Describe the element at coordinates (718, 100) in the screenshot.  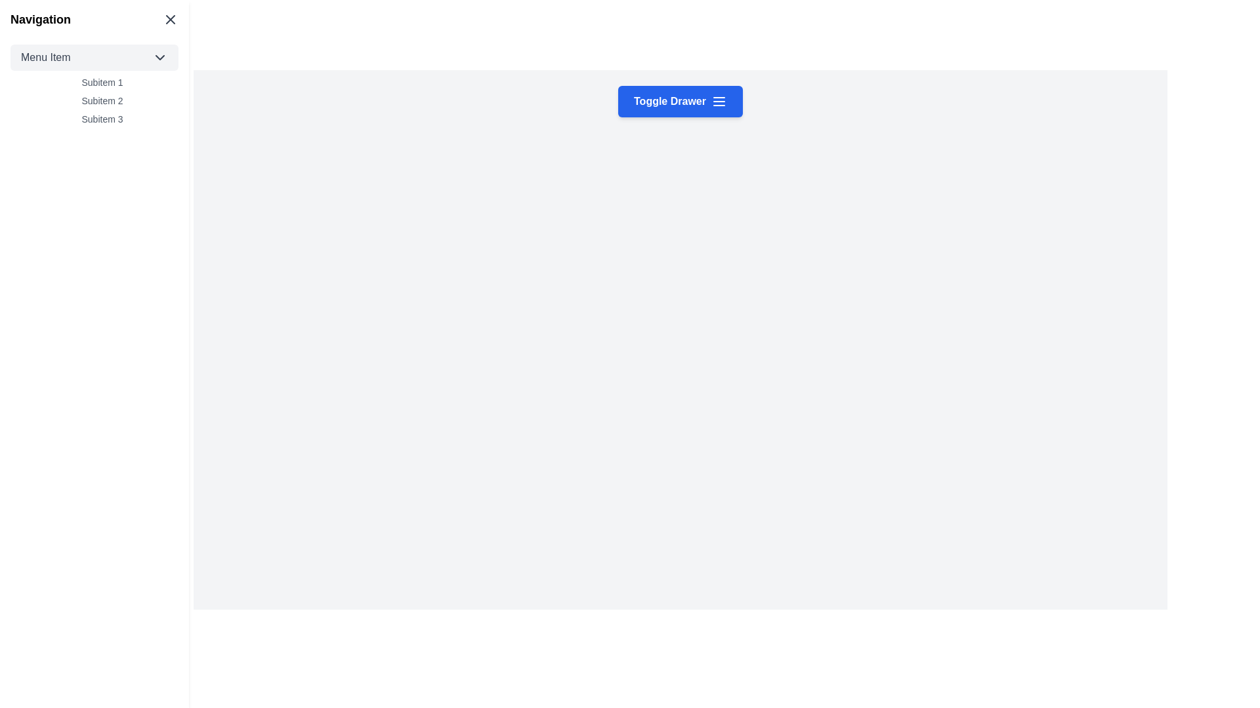
I see `the SVG icon located to the right of the 'Toggle Drawer' button` at that location.